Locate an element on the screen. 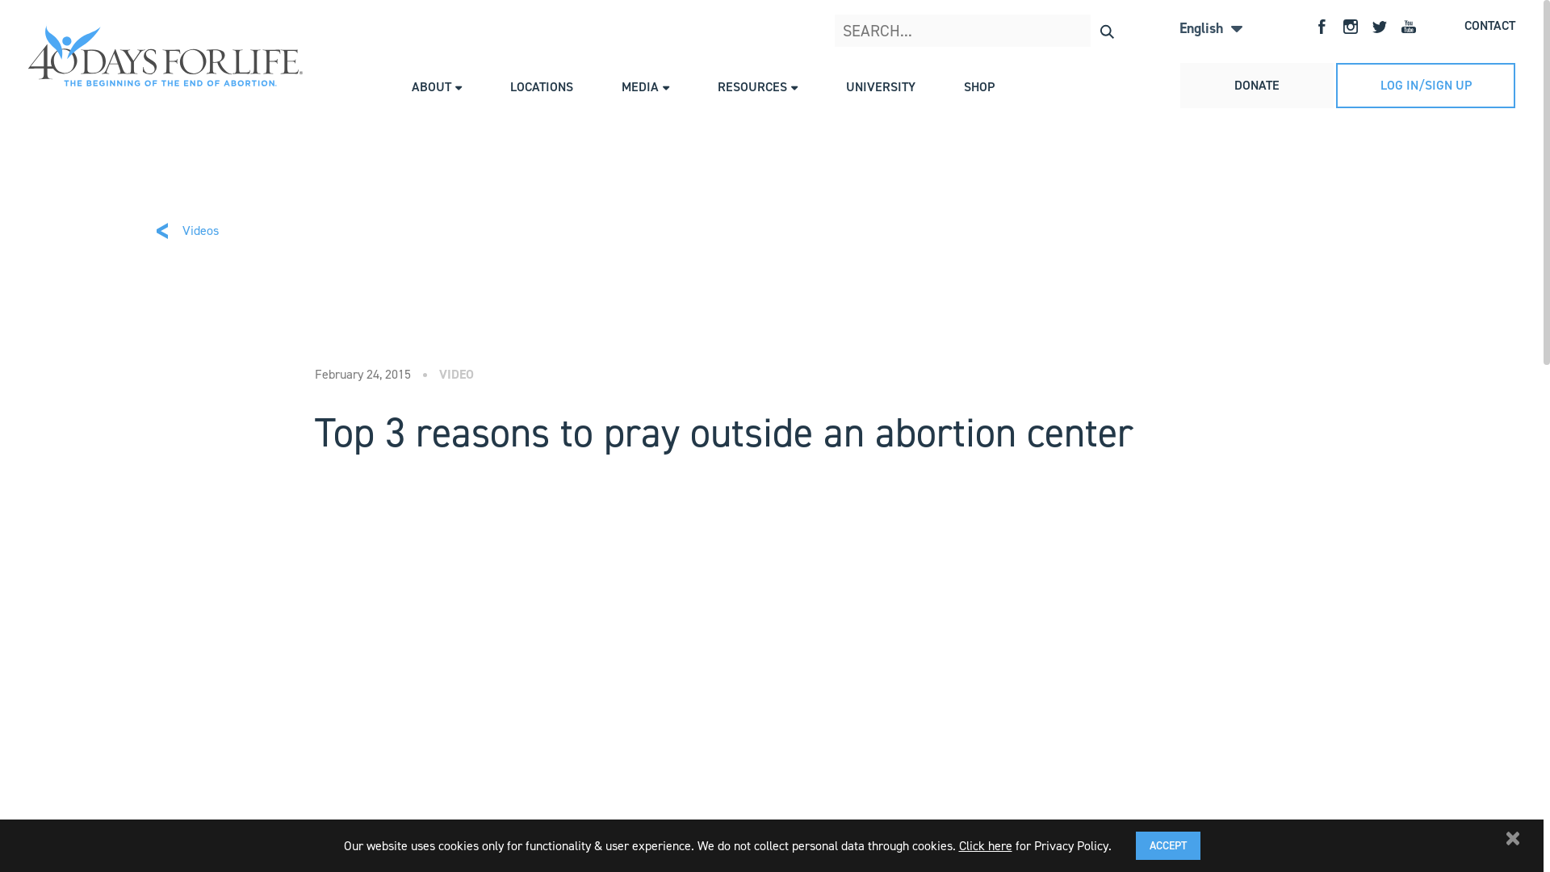 The height and width of the screenshot is (872, 1550). 'SHOP' is located at coordinates (978, 86).